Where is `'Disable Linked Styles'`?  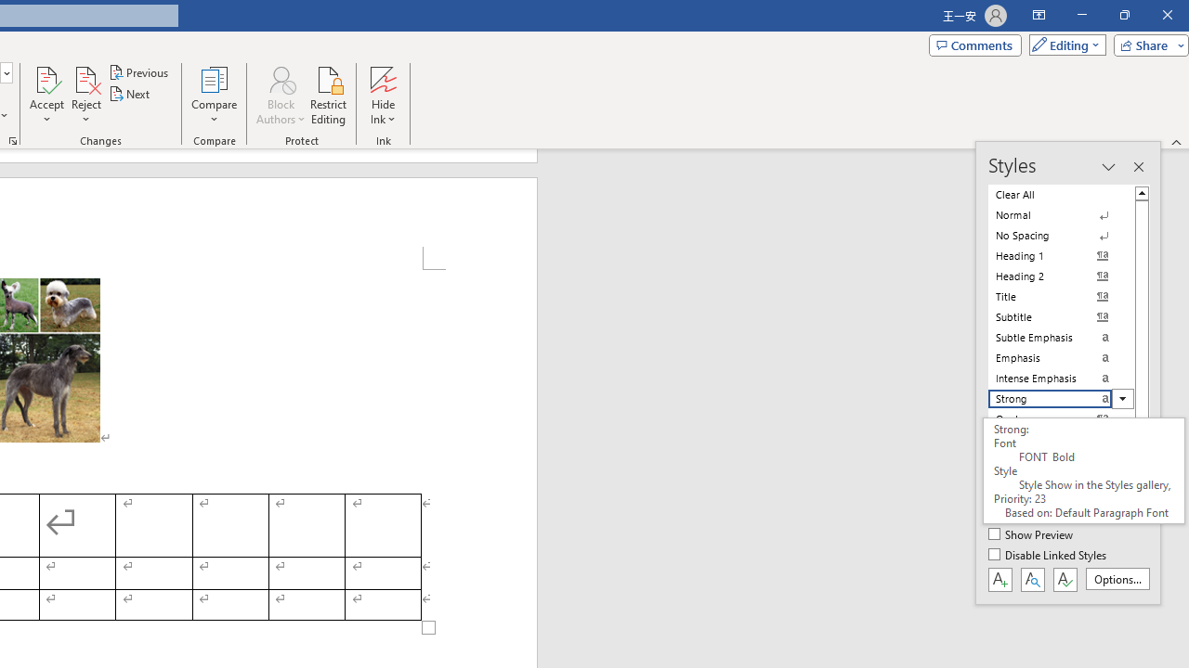
'Disable Linked Styles' is located at coordinates (1049, 555).